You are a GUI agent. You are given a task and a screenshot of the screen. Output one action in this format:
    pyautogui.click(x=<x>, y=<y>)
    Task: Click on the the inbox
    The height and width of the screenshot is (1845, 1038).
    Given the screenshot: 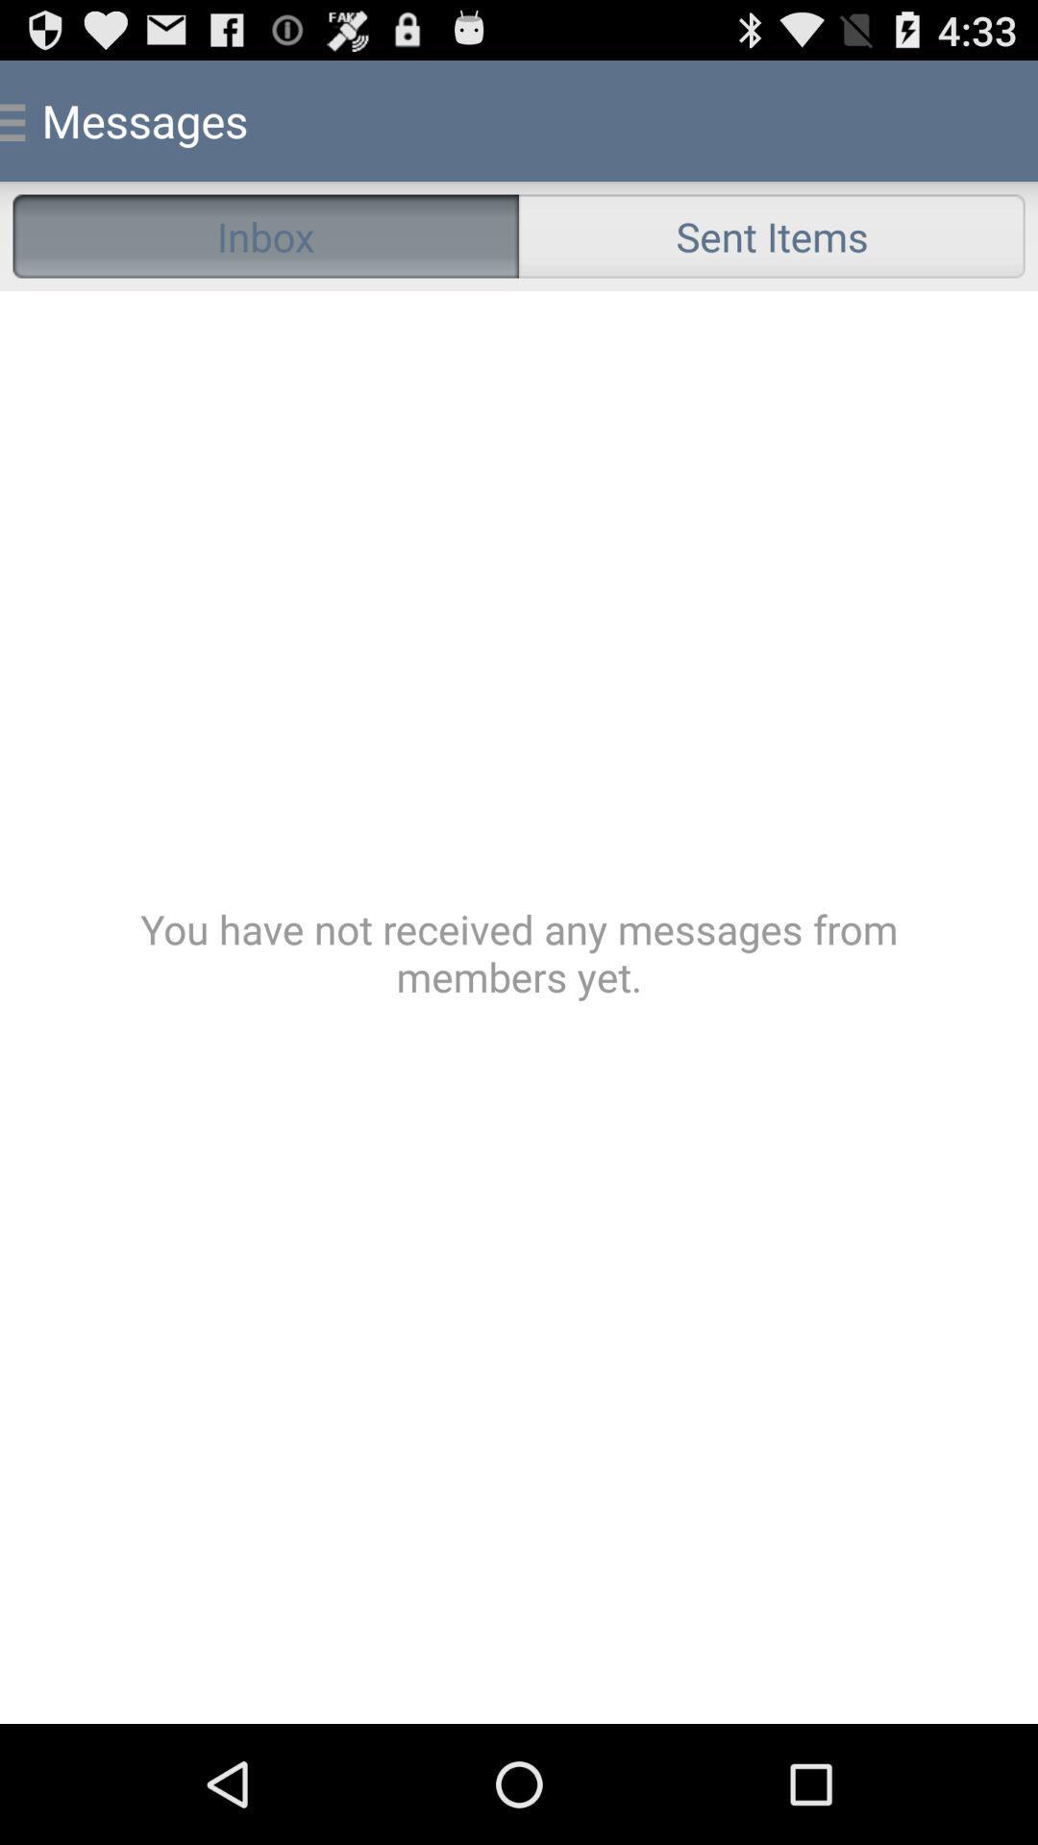 What is the action you would take?
    pyautogui.click(x=265, y=234)
    